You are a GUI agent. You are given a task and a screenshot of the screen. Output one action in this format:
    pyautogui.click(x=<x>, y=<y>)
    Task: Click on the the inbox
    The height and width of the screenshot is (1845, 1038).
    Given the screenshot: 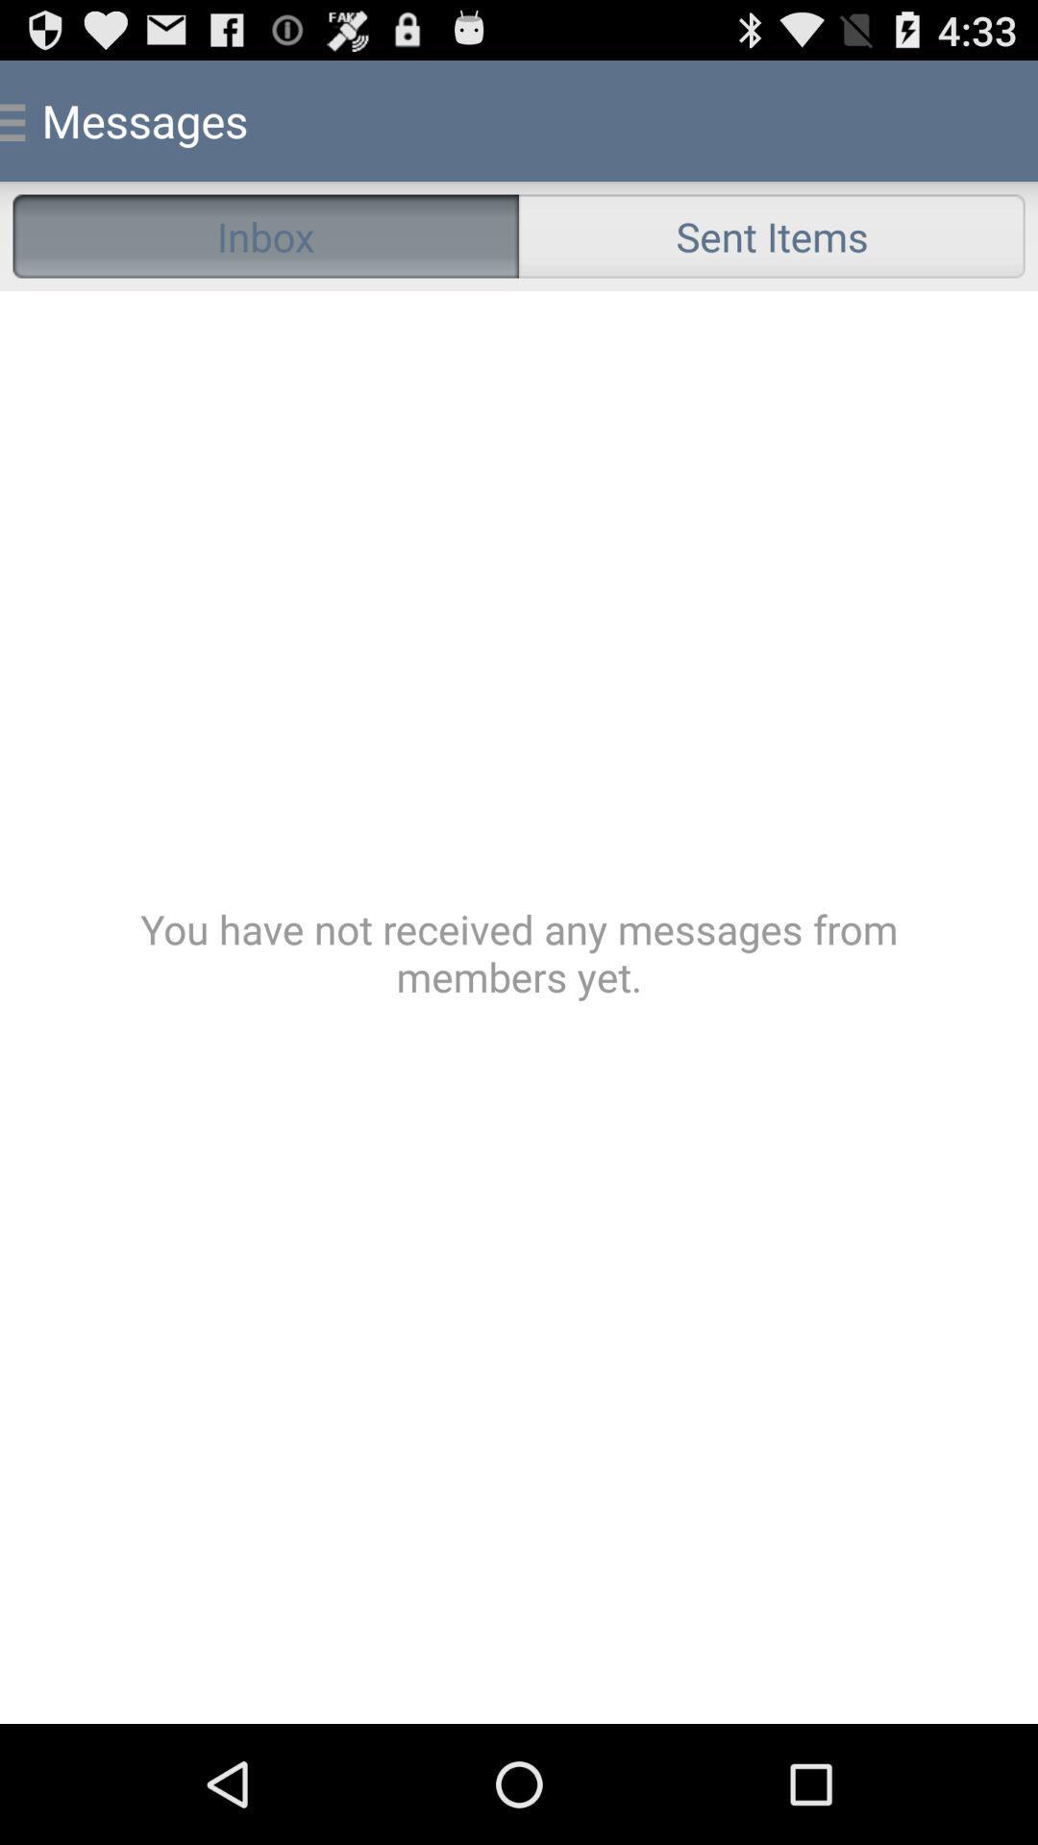 What is the action you would take?
    pyautogui.click(x=265, y=234)
    